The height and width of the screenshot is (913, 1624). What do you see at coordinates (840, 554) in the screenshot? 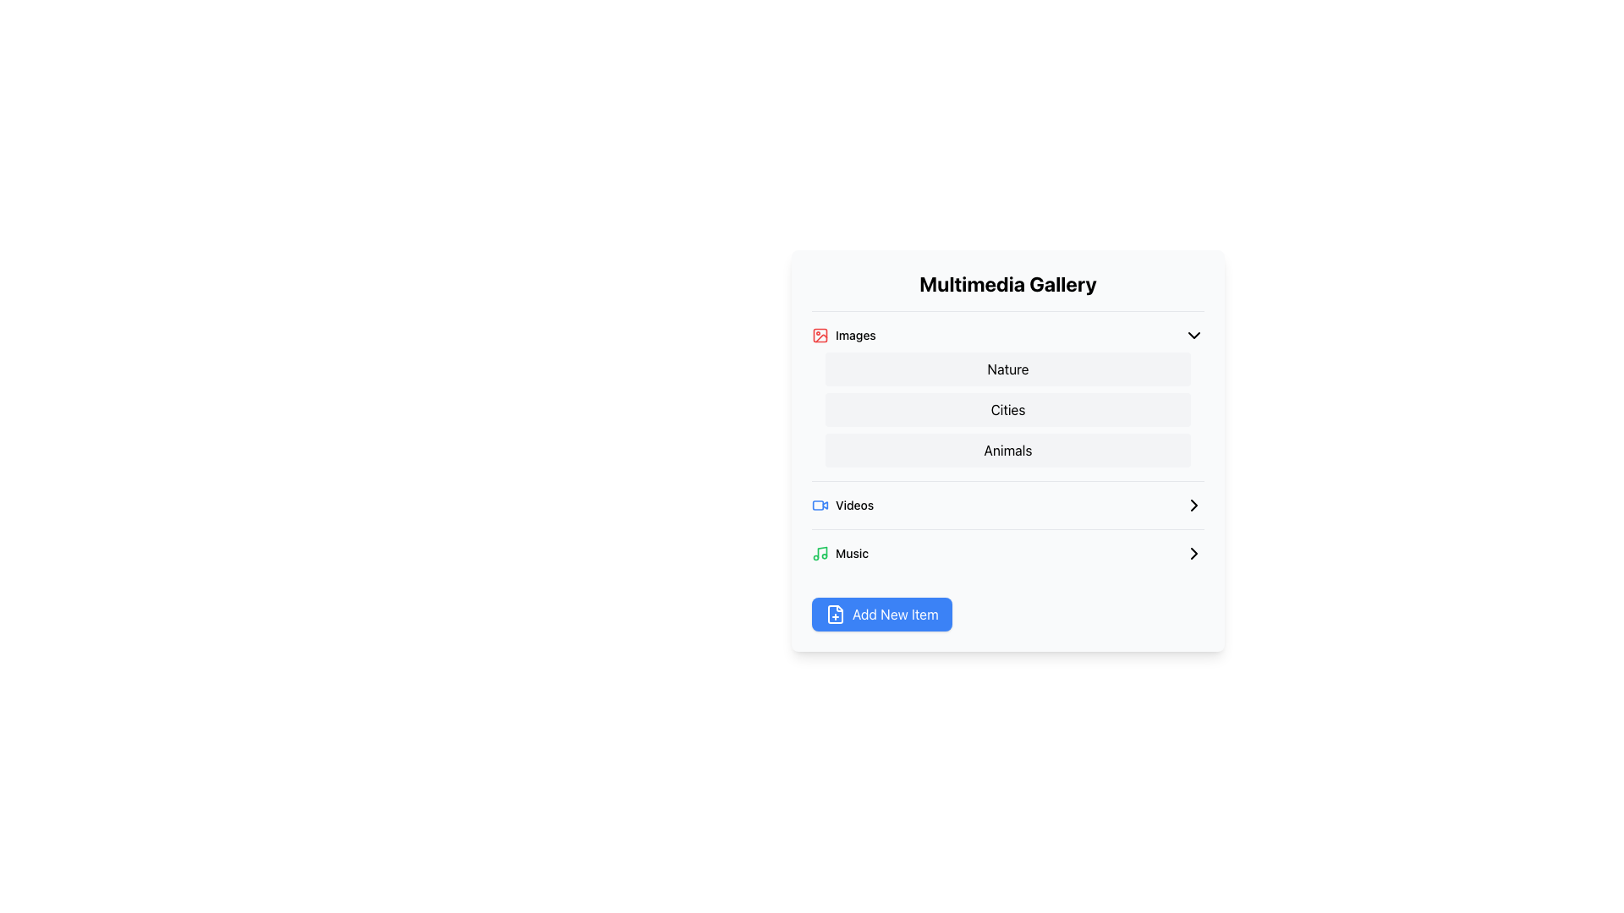
I see `the List item labeled 'Music' with a green music icon in the 'Videos' section` at bounding box center [840, 554].